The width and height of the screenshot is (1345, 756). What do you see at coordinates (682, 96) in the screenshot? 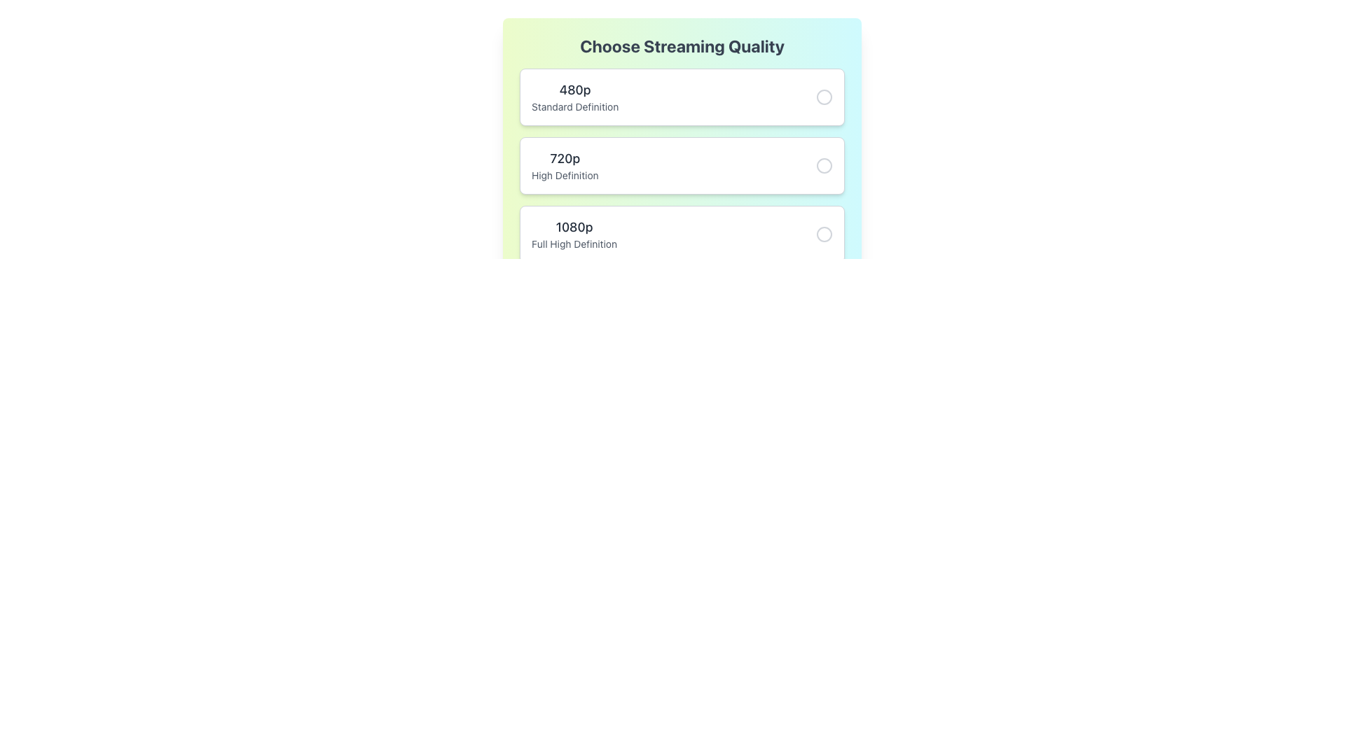
I see `the '480p Standard Definition' radio option` at bounding box center [682, 96].